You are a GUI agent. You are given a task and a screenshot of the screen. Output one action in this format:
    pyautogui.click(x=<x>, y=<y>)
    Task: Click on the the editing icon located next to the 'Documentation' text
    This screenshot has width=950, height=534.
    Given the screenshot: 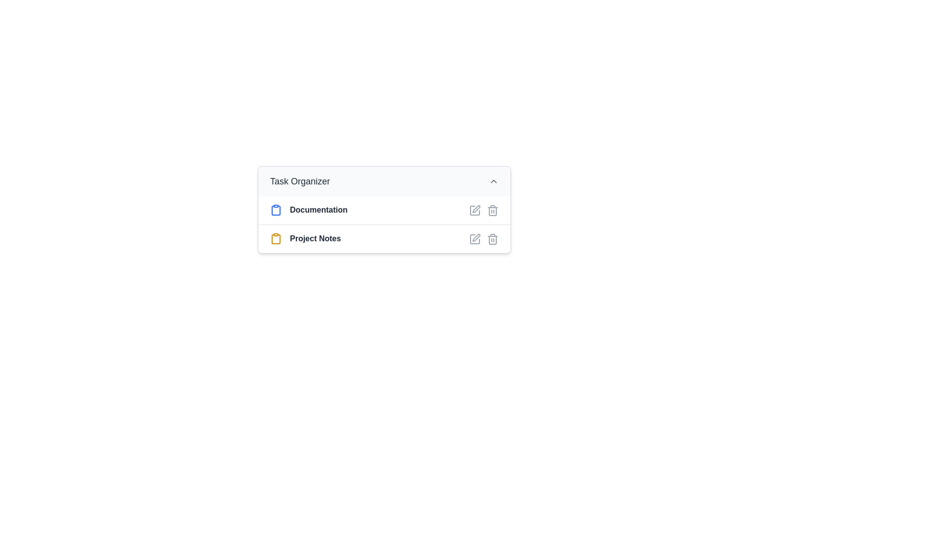 What is the action you would take?
    pyautogui.click(x=476, y=208)
    